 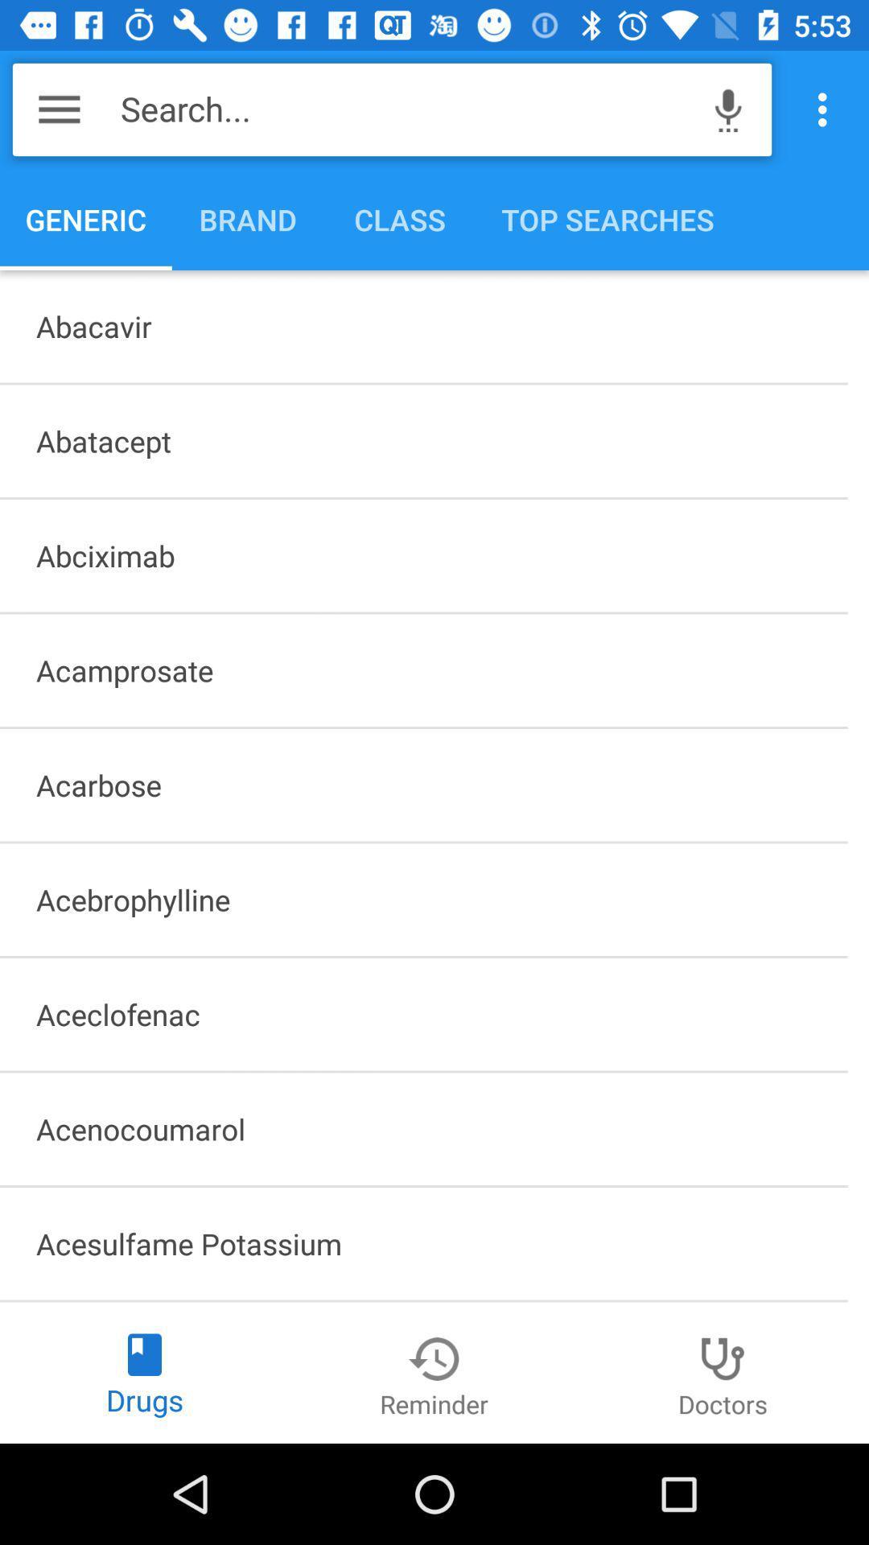 I want to click on acesulfame potassium icon, so click(x=422, y=1242).